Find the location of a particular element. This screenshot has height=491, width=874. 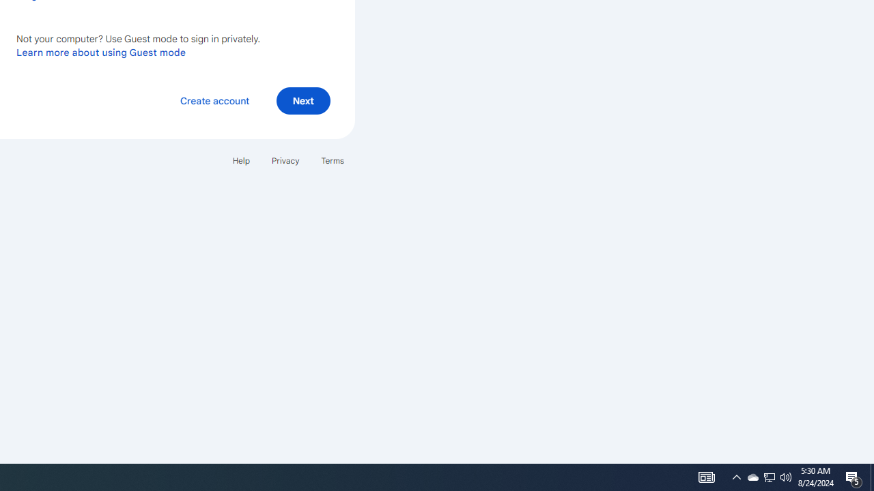

'Create account' is located at coordinates (214, 100).